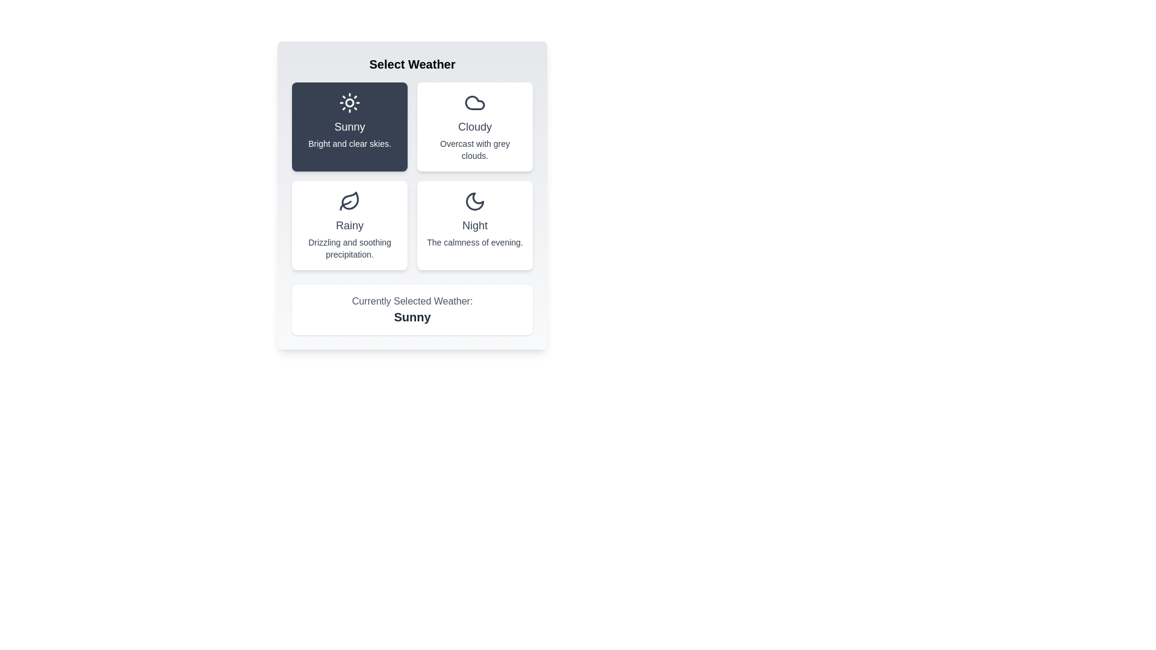  I want to click on the weather button Night to observe its hover effect, so click(474, 225).